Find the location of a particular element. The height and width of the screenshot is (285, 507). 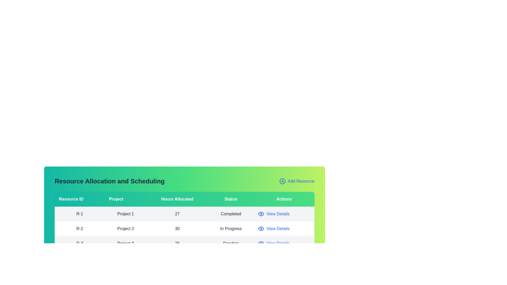

the column header labeled 'Hours Allocated' to sort the table by that column is located at coordinates (177, 199).